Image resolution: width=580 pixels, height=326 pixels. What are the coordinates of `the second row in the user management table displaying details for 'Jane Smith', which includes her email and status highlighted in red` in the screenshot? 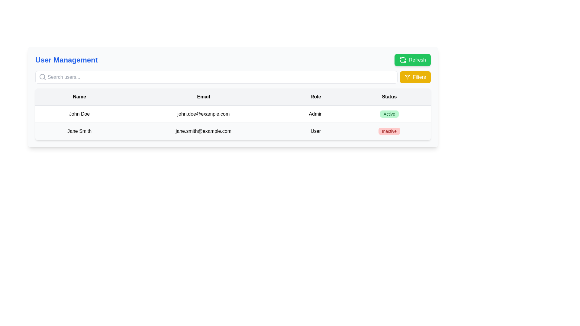 It's located at (233, 131).